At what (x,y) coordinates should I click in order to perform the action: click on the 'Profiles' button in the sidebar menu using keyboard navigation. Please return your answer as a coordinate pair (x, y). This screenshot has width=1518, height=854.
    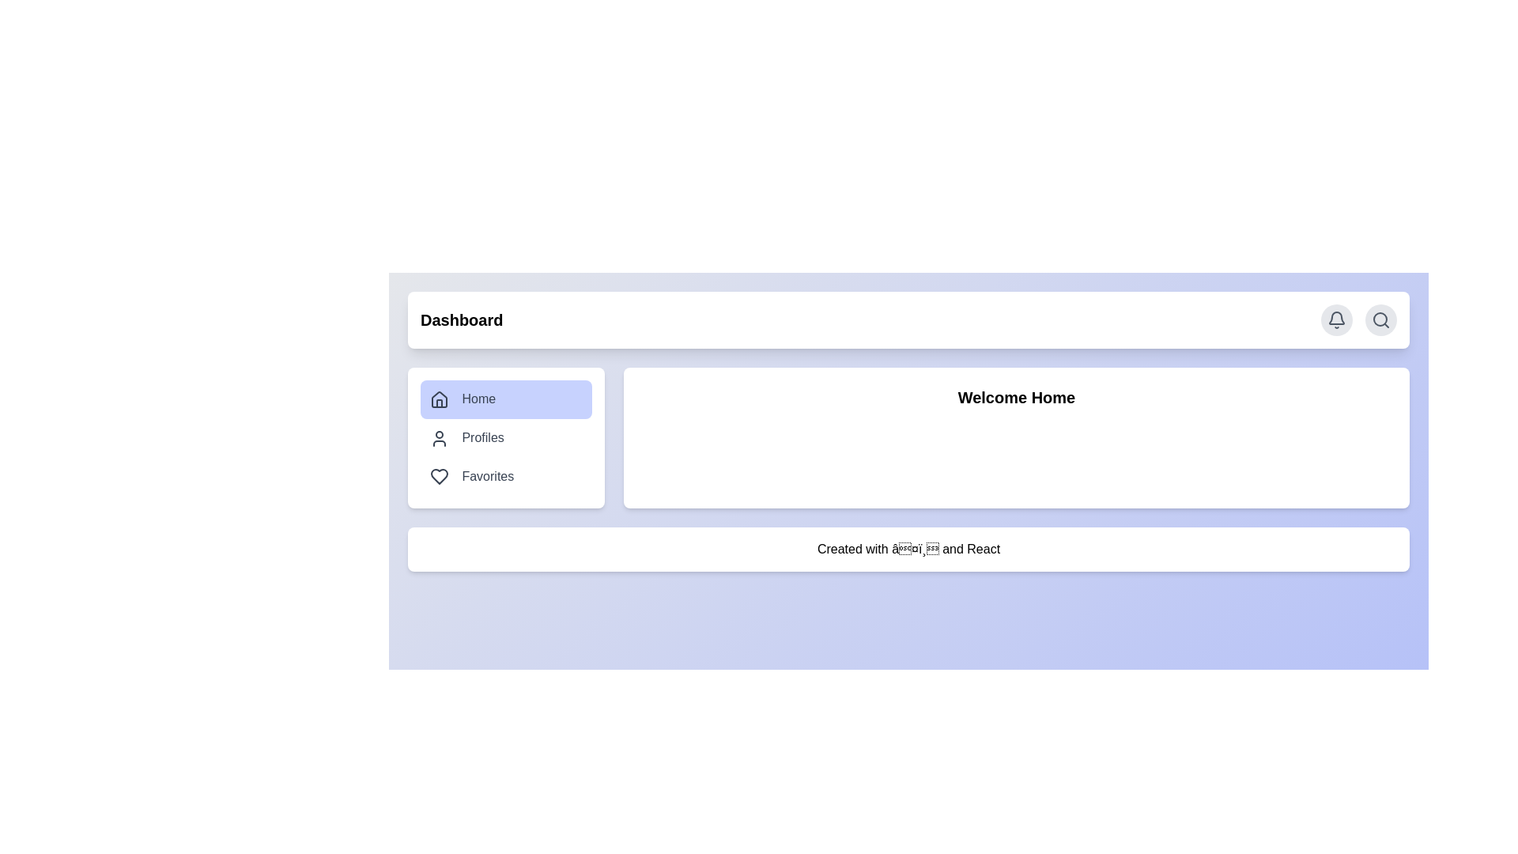
    Looking at the image, I should click on (506, 438).